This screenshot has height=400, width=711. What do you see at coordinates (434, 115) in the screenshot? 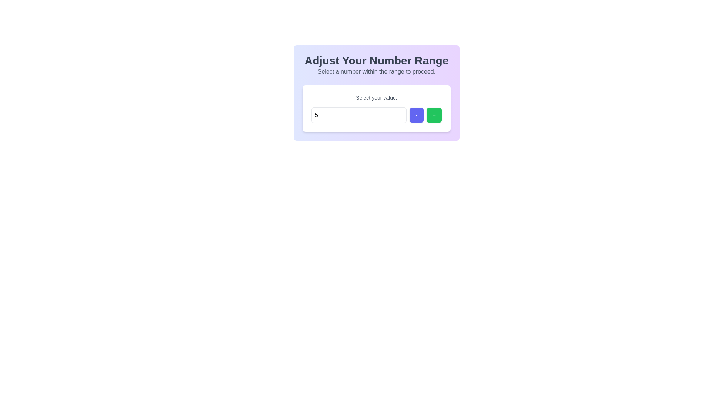
I see `the third button in the number selection interface to increment the numerical value displayed in the adjacent text input field` at bounding box center [434, 115].